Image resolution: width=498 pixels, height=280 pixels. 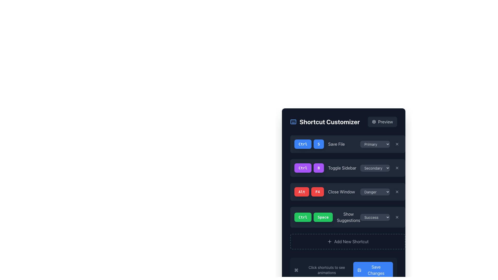 I want to click on the text label that describes the purpose of the shortcut buttons 'Ctrl' + 'B' for 'Toggle Sidebar' in the shortcut customizer interface, so click(x=342, y=168).